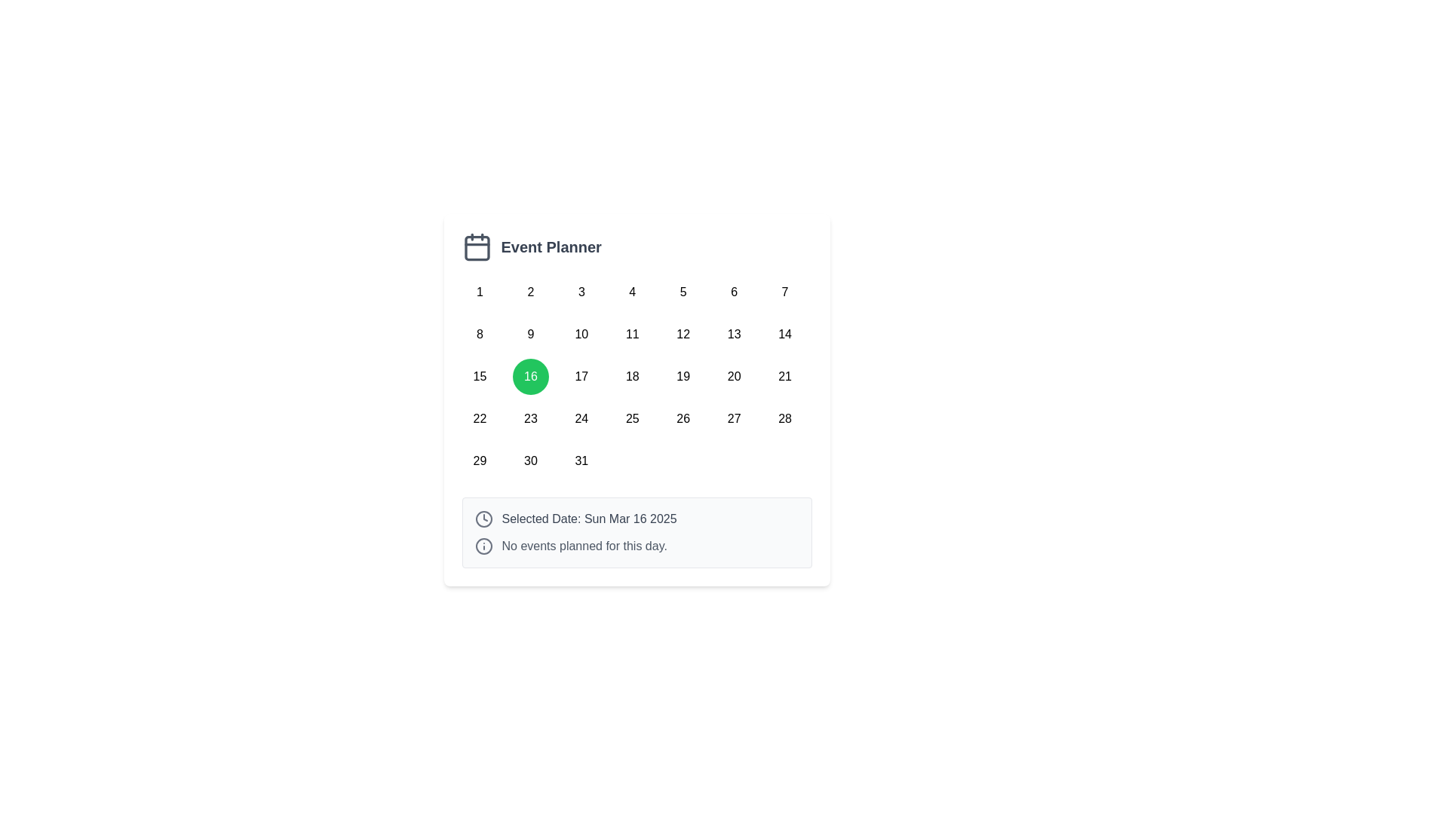 The width and height of the screenshot is (1448, 814). Describe the element at coordinates (479, 333) in the screenshot. I see `the button representing the 8th day in the calendar grid` at that location.